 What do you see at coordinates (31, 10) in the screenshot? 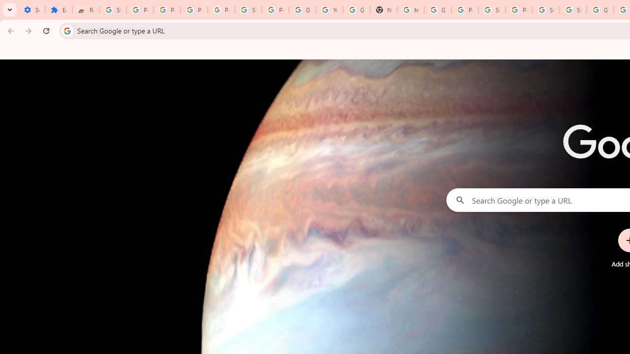
I see `'Settings - On startup'` at bounding box center [31, 10].